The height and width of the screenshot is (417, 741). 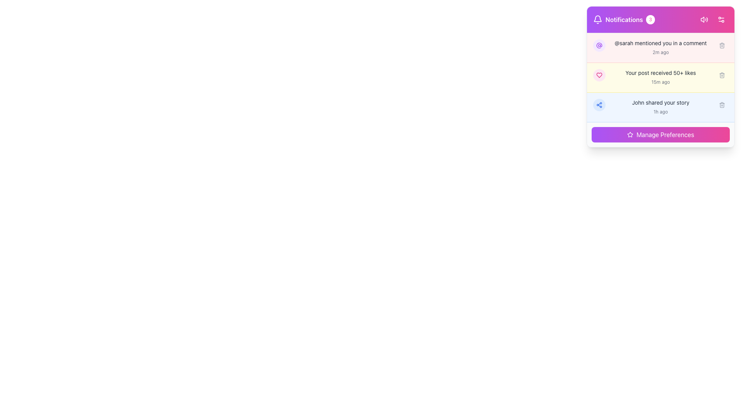 What do you see at coordinates (650, 19) in the screenshot?
I see `the small, rounded badge displaying the number '3' with a white background and pink text, located at the far-right side of the title bar in the 'Notifications' section, adjacent to the 'Notifications' label` at bounding box center [650, 19].